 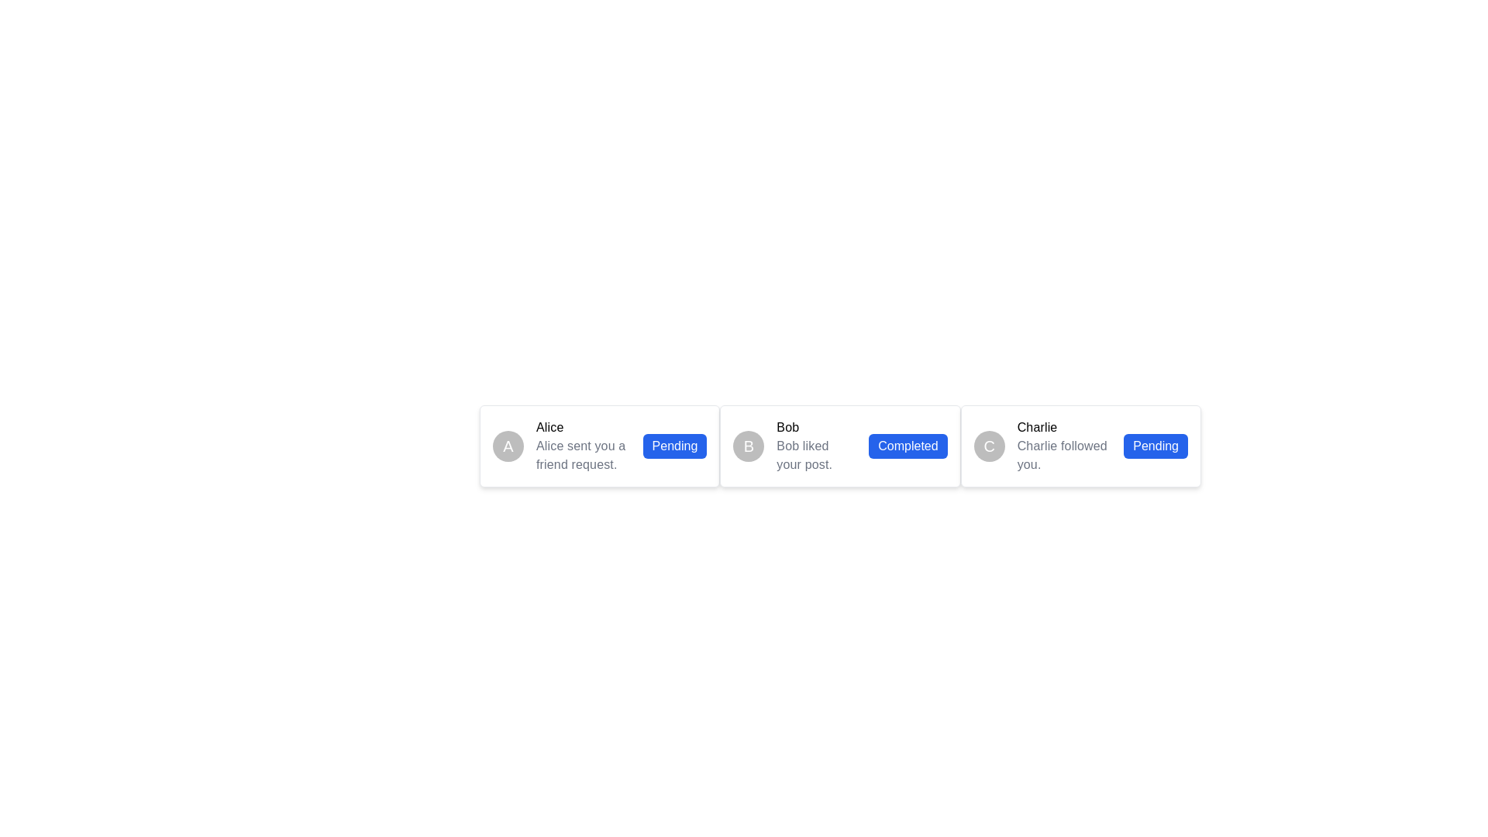 What do you see at coordinates (815, 454) in the screenshot?
I see `notification message displayed as static text below the bolded title 'Bob', which provides information about 'Bob's interaction` at bounding box center [815, 454].